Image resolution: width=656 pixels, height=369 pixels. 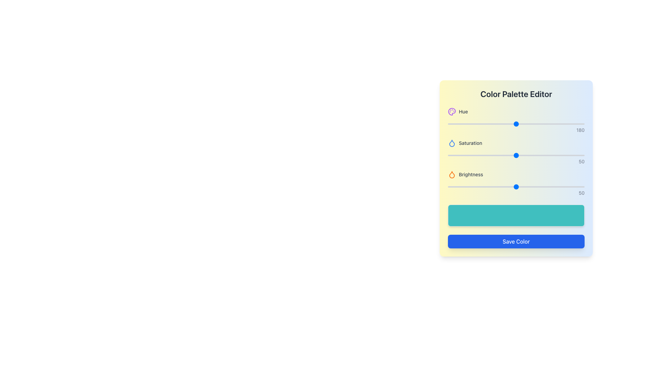 I want to click on the brightness, so click(x=464, y=187).